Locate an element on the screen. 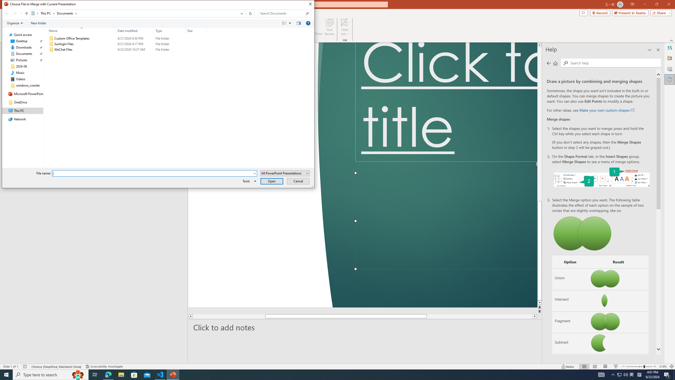  'Size' is located at coordinates (196, 30).